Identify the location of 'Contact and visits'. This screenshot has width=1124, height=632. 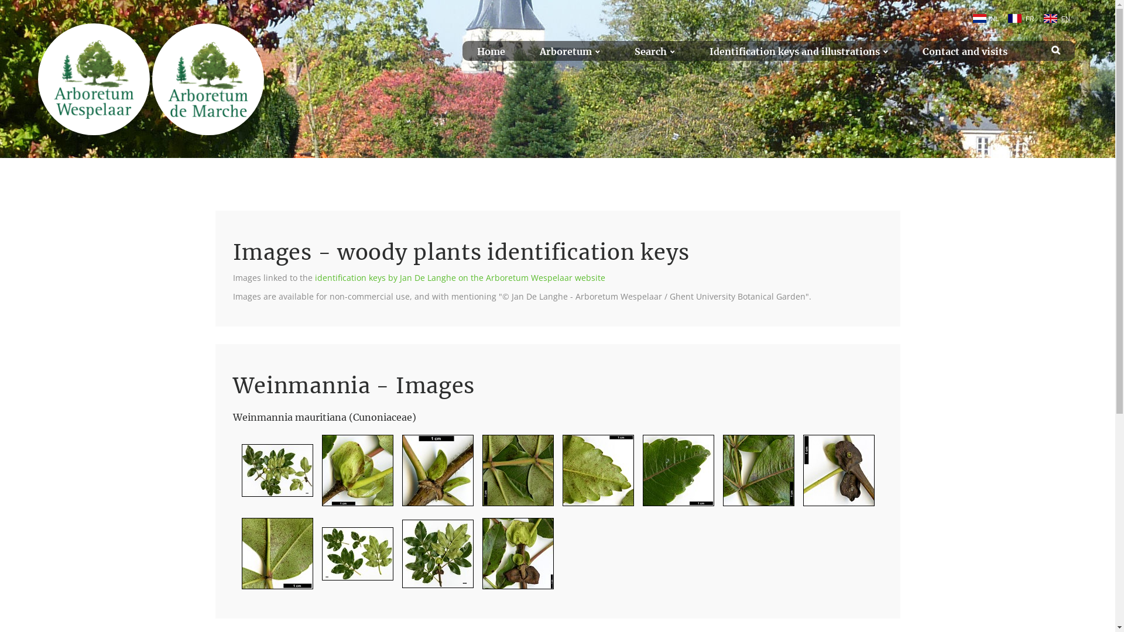
(965, 51).